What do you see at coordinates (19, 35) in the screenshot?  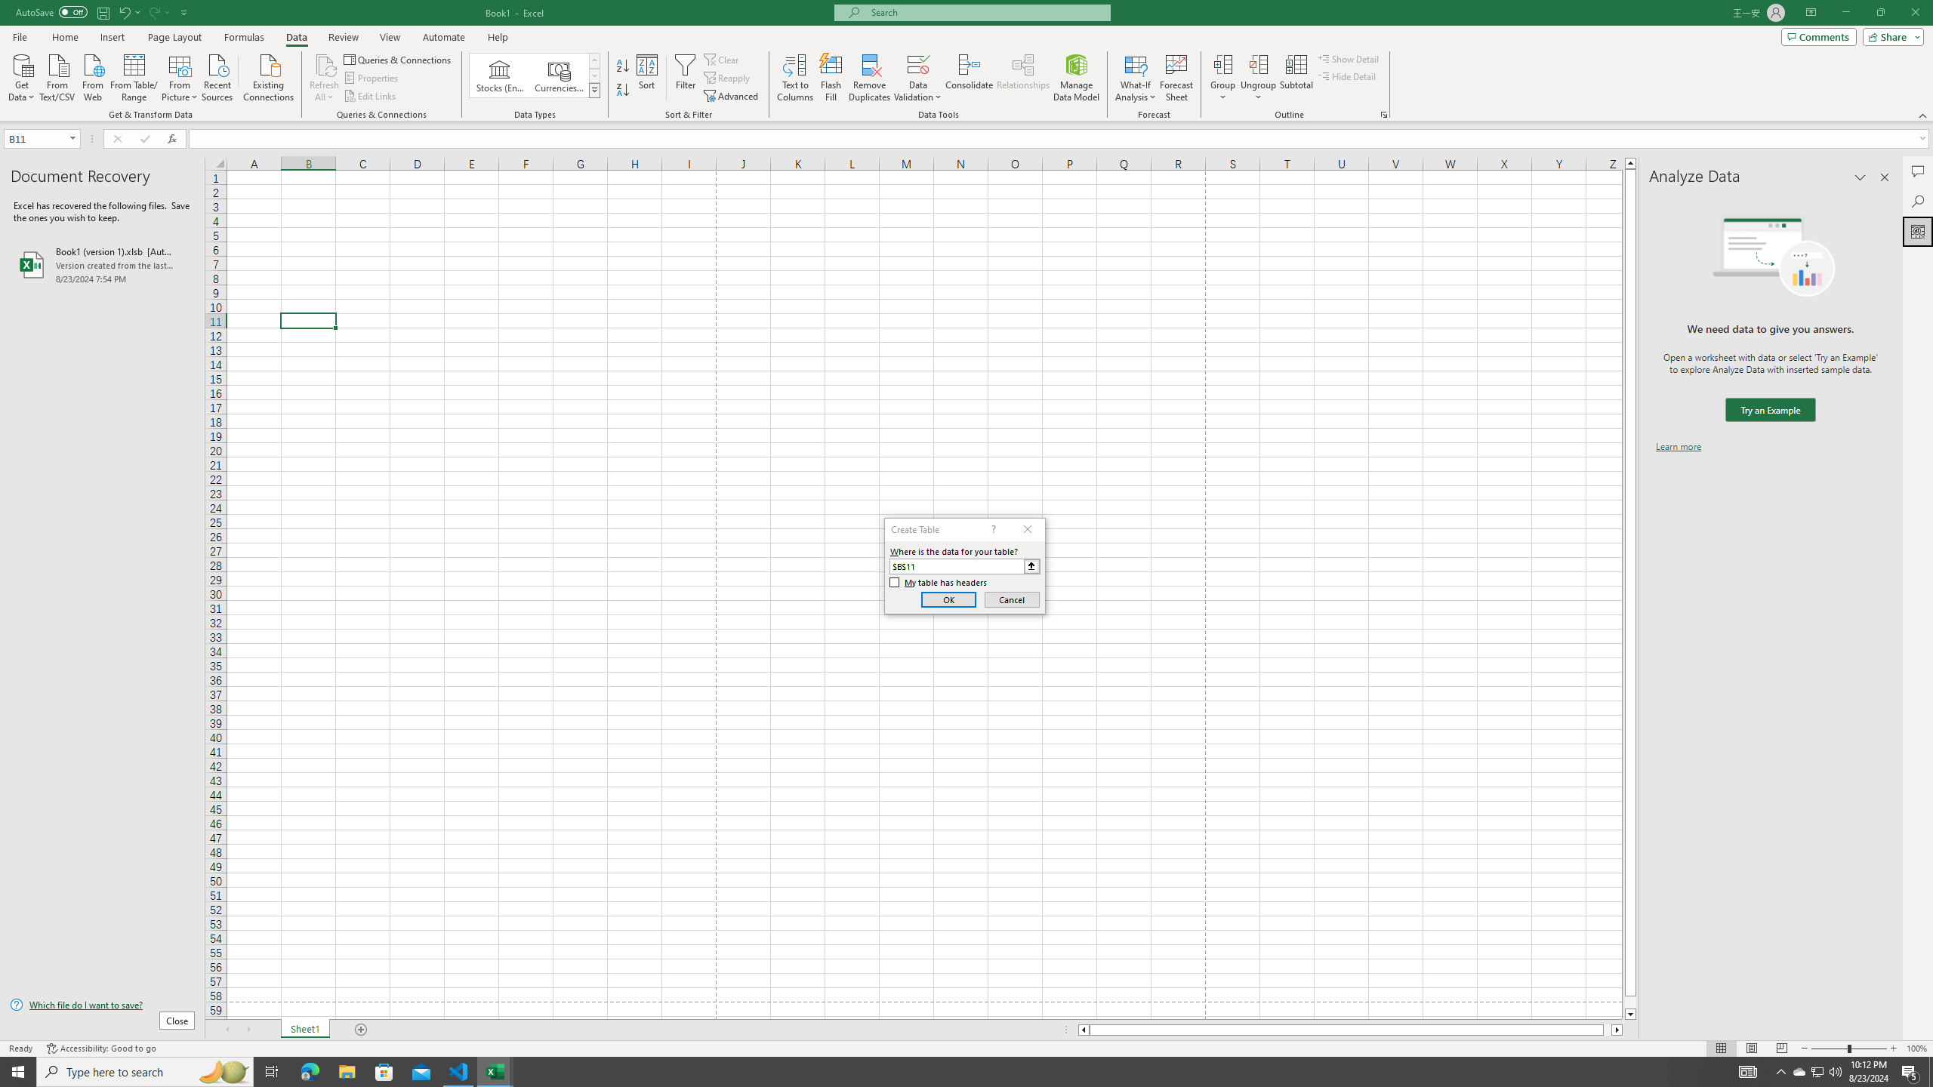 I see `'File Tab'` at bounding box center [19, 35].